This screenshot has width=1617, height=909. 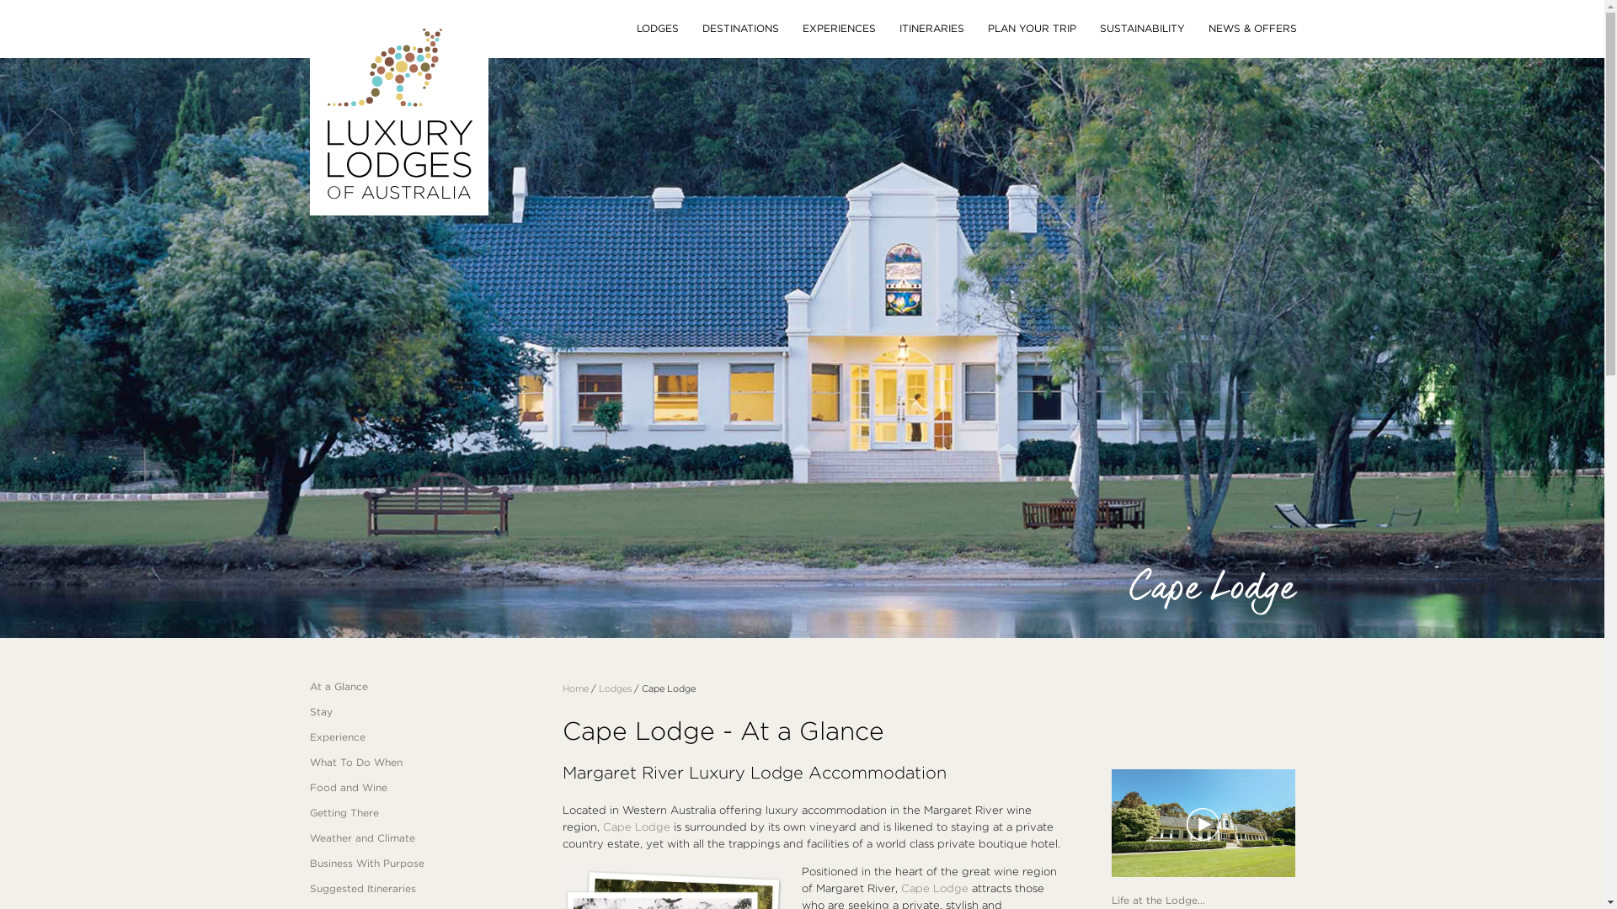 I want to click on 'EXPERIENCES', so click(x=838, y=29).